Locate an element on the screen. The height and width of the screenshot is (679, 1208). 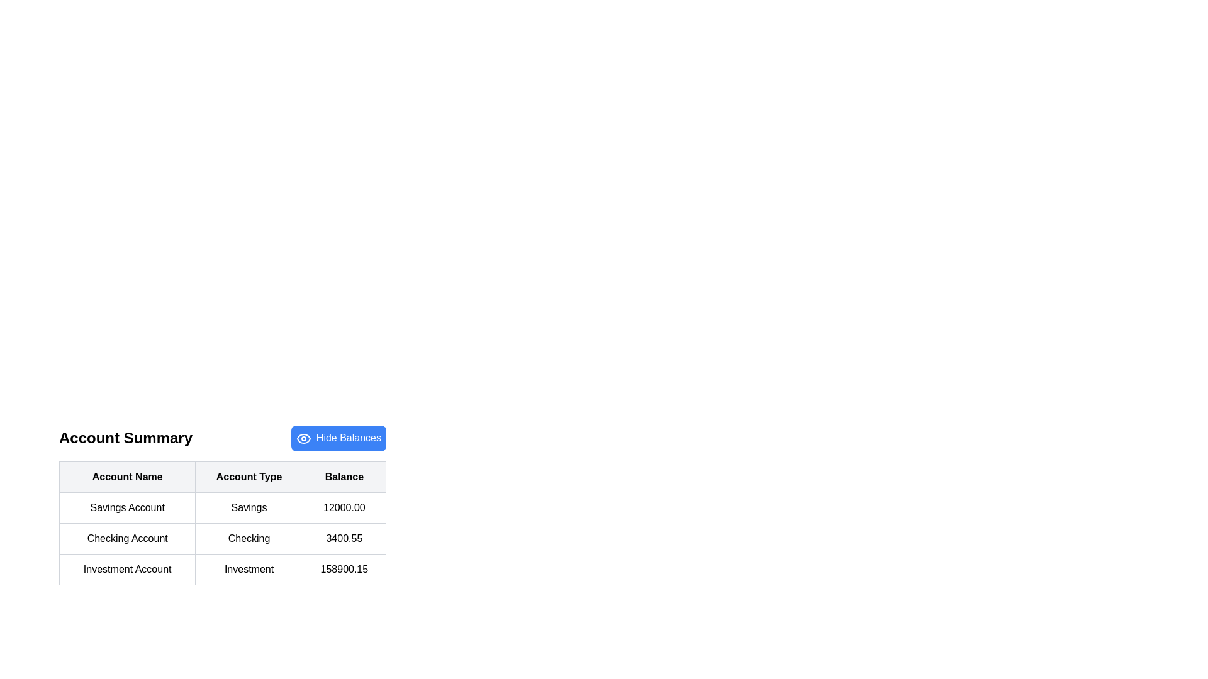
displayed information from the third row of the table containing the text blocks 'Investment Account', 'Investment', and '158900.15' is located at coordinates (223, 569).